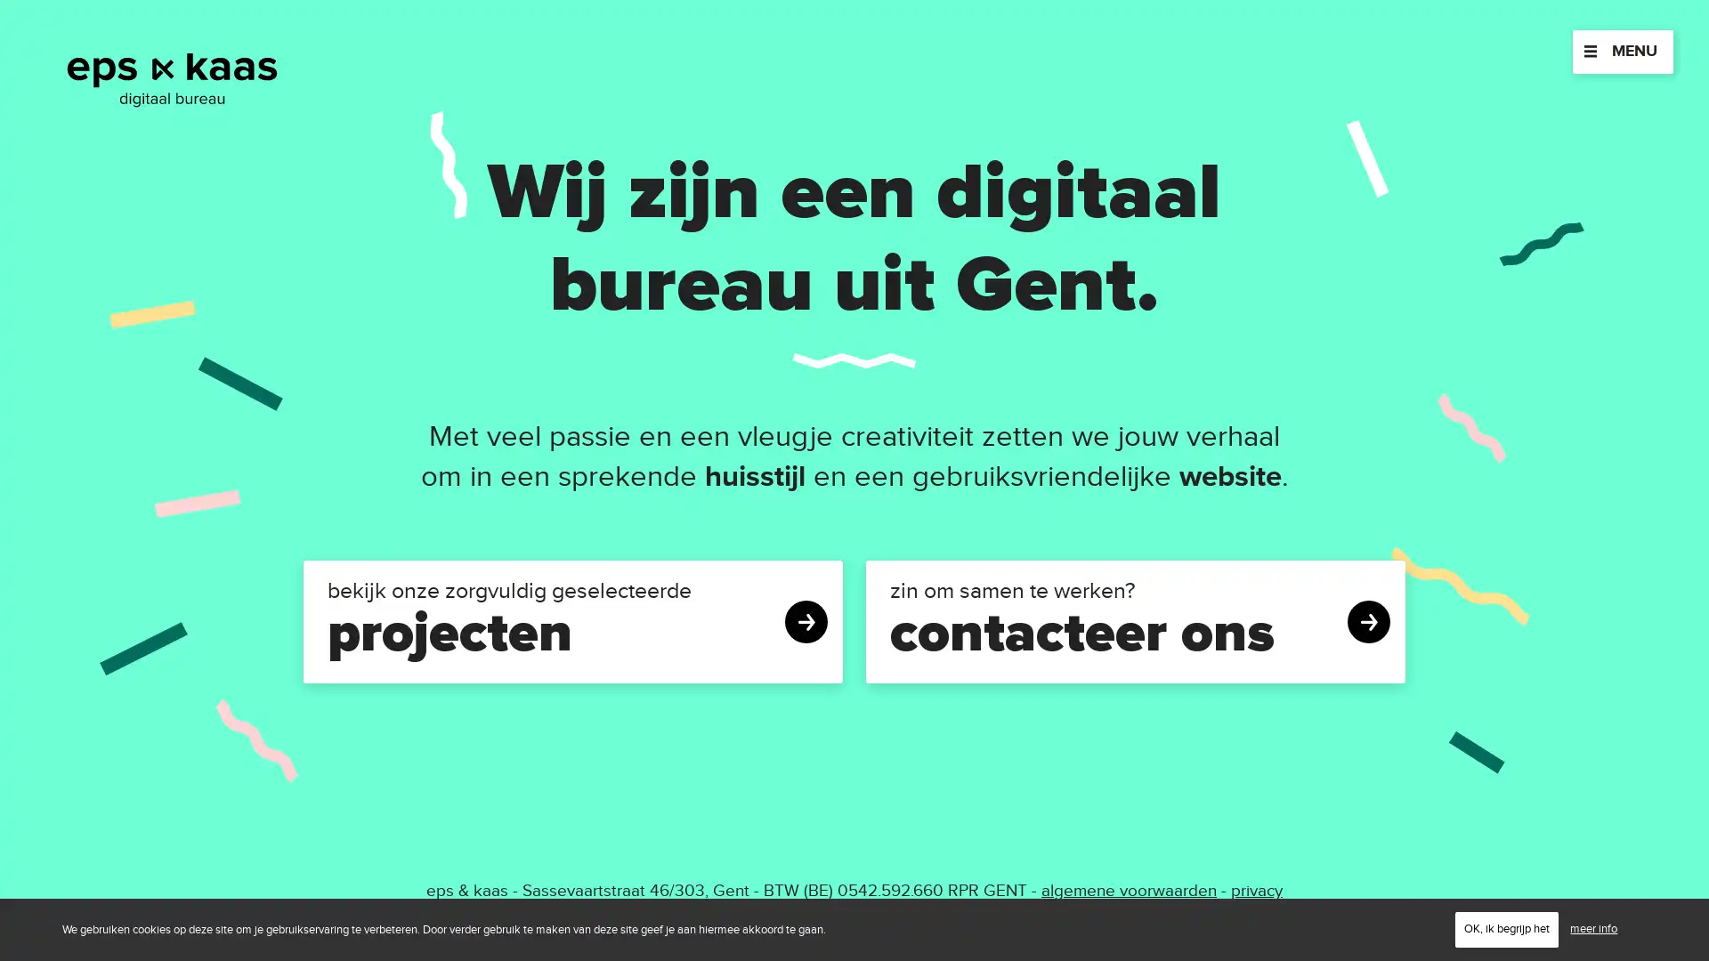  Describe the element at coordinates (1506, 928) in the screenshot. I see `OK, ik begrijp het` at that location.